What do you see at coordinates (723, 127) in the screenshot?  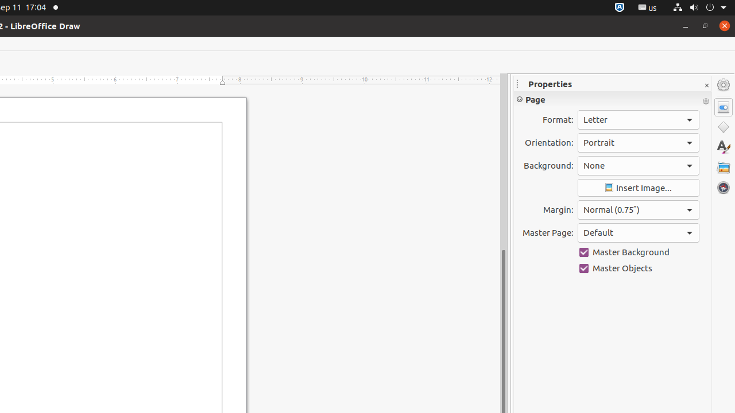 I see `'Shapes'` at bounding box center [723, 127].